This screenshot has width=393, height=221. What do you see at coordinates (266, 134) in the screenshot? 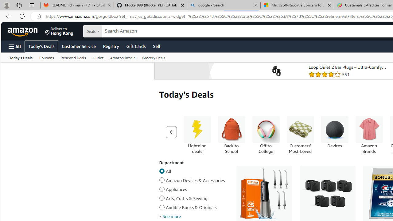
I see `'Off to College Off to College'` at bounding box center [266, 134].